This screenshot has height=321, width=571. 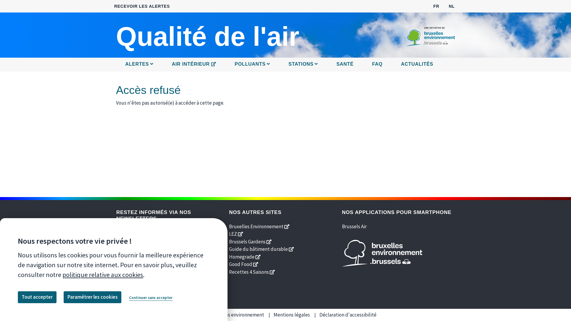 I want to click on 'NL', so click(x=451, y=6).